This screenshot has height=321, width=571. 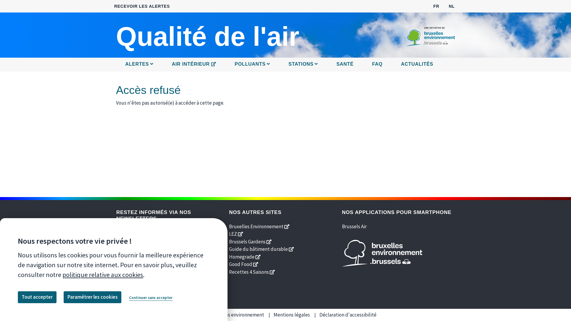 I want to click on 'NL', so click(x=451, y=6).